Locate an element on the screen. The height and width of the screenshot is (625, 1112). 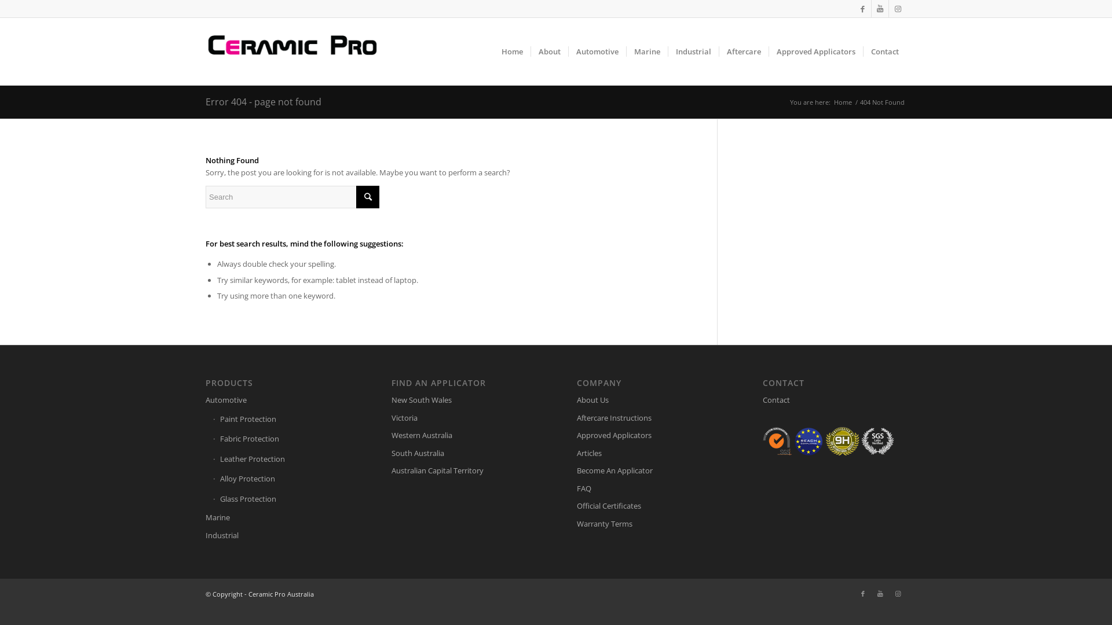
'Fabric Protection' is located at coordinates (213, 439).